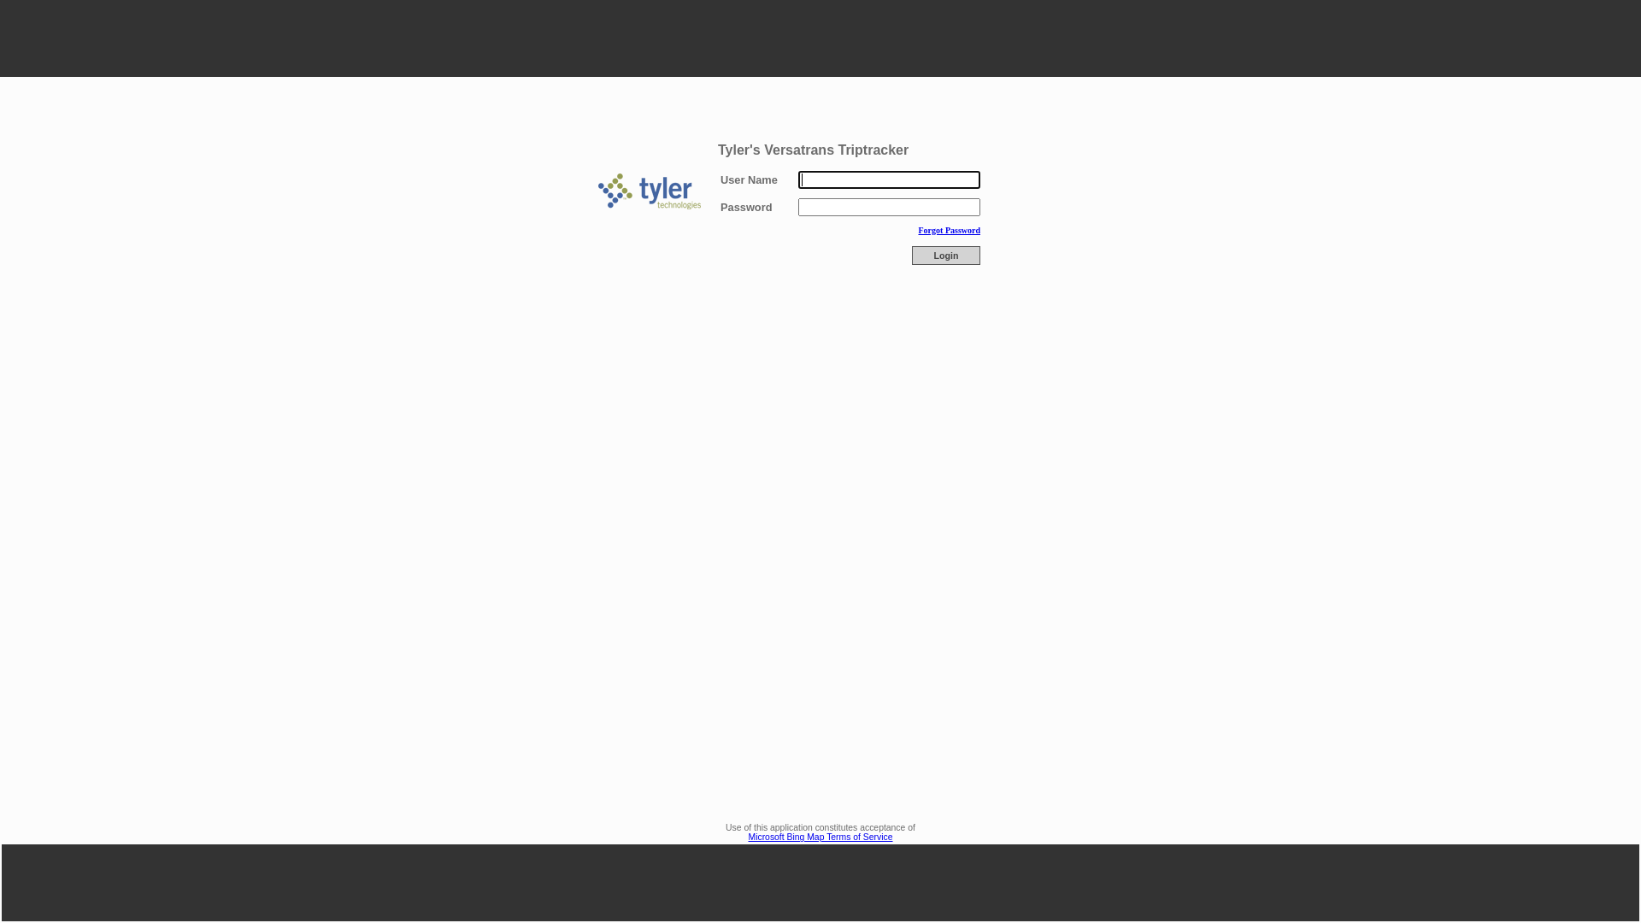 The image size is (1641, 923). I want to click on 'Login', so click(910, 256).